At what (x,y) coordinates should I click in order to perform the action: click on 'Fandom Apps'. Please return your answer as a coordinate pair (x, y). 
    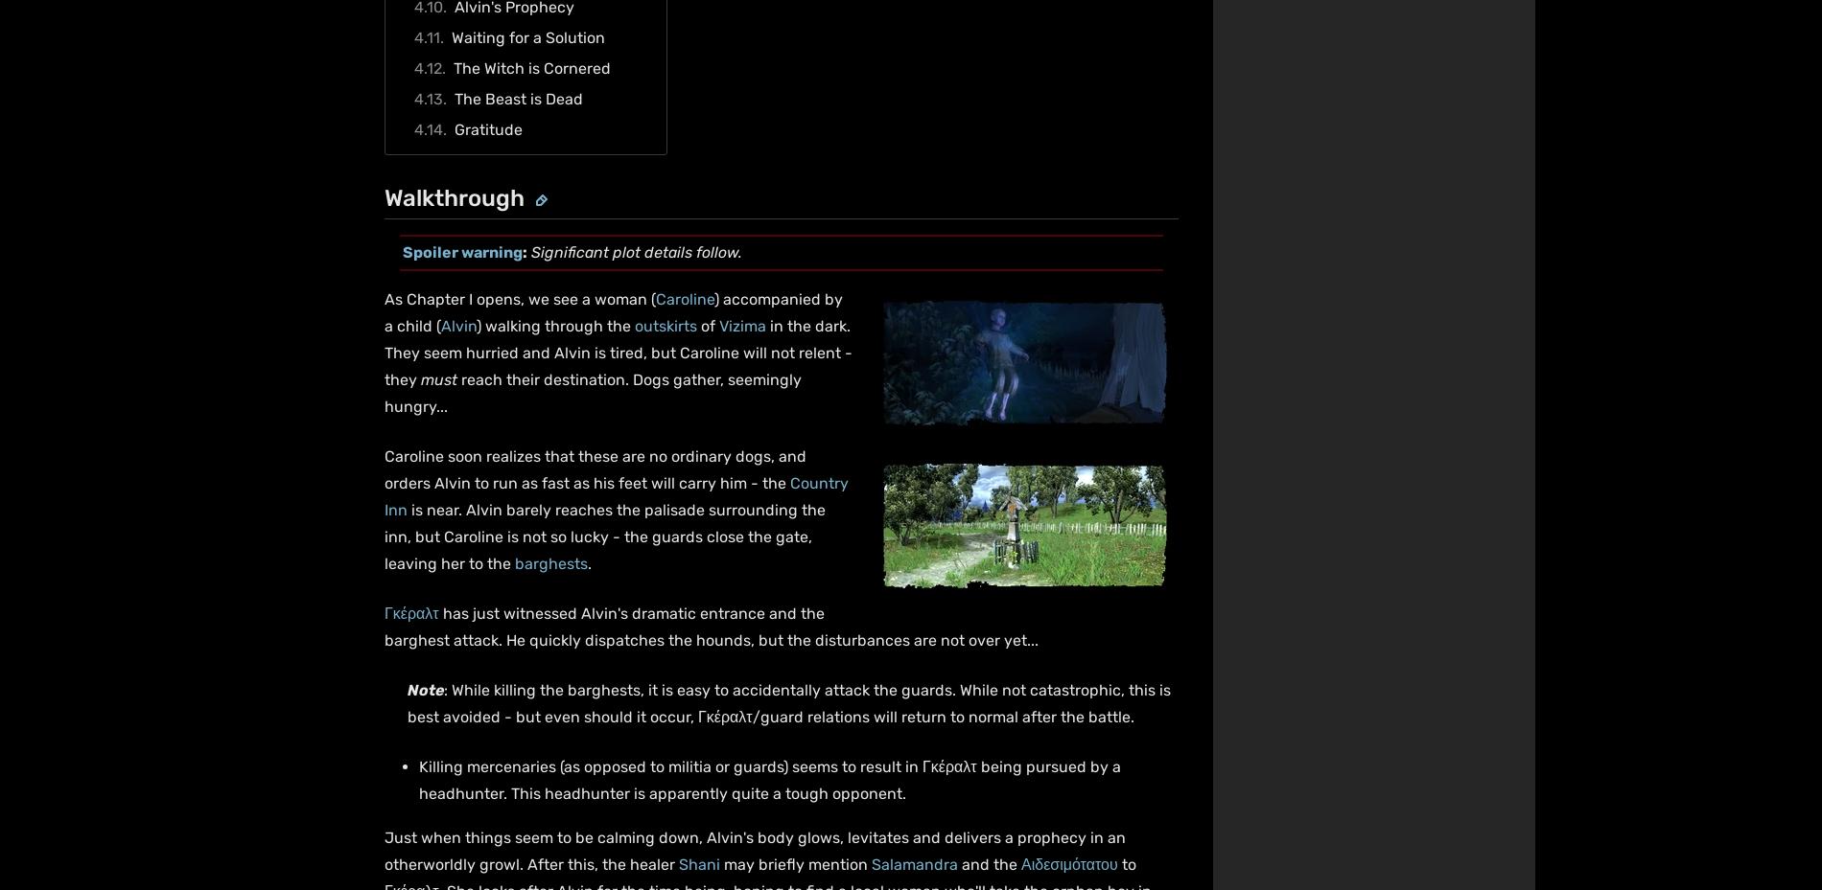
    Looking at the image, I should click on (1234, 697).